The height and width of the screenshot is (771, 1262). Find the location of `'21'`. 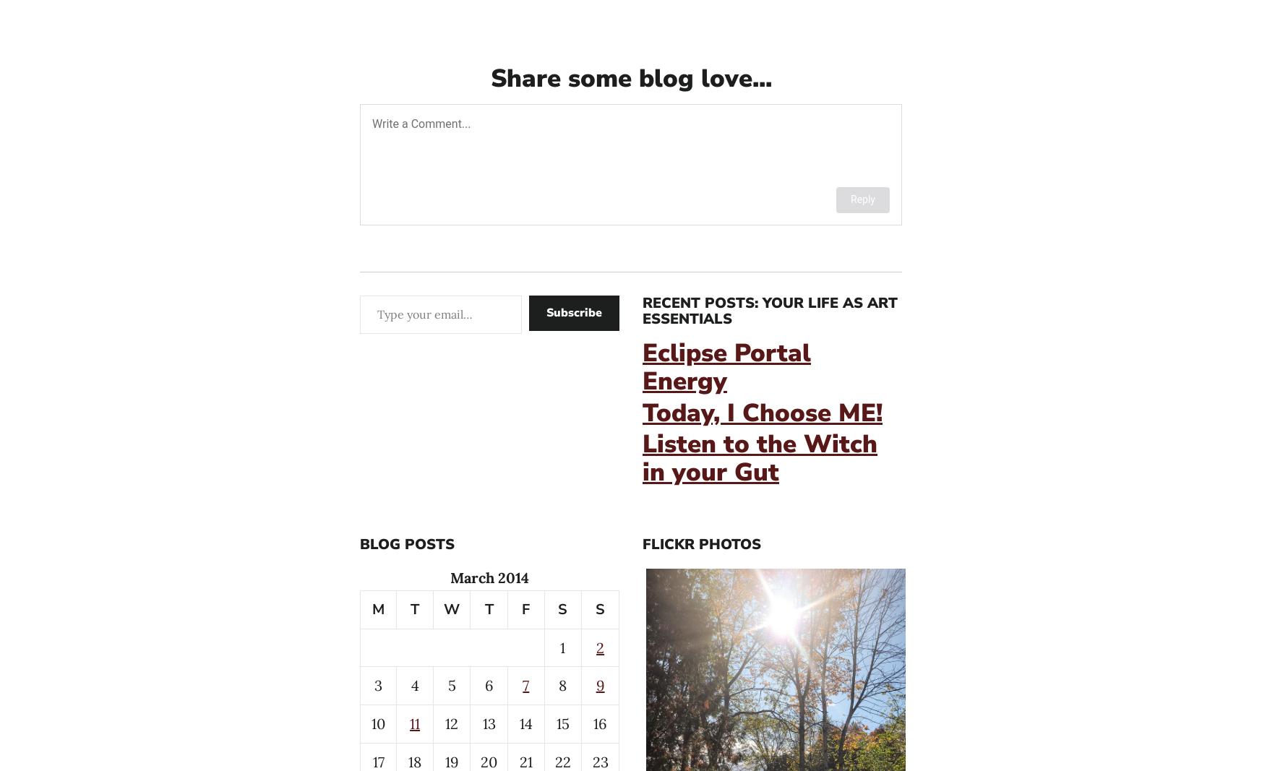

'21' is located at coordinates (525, 761).